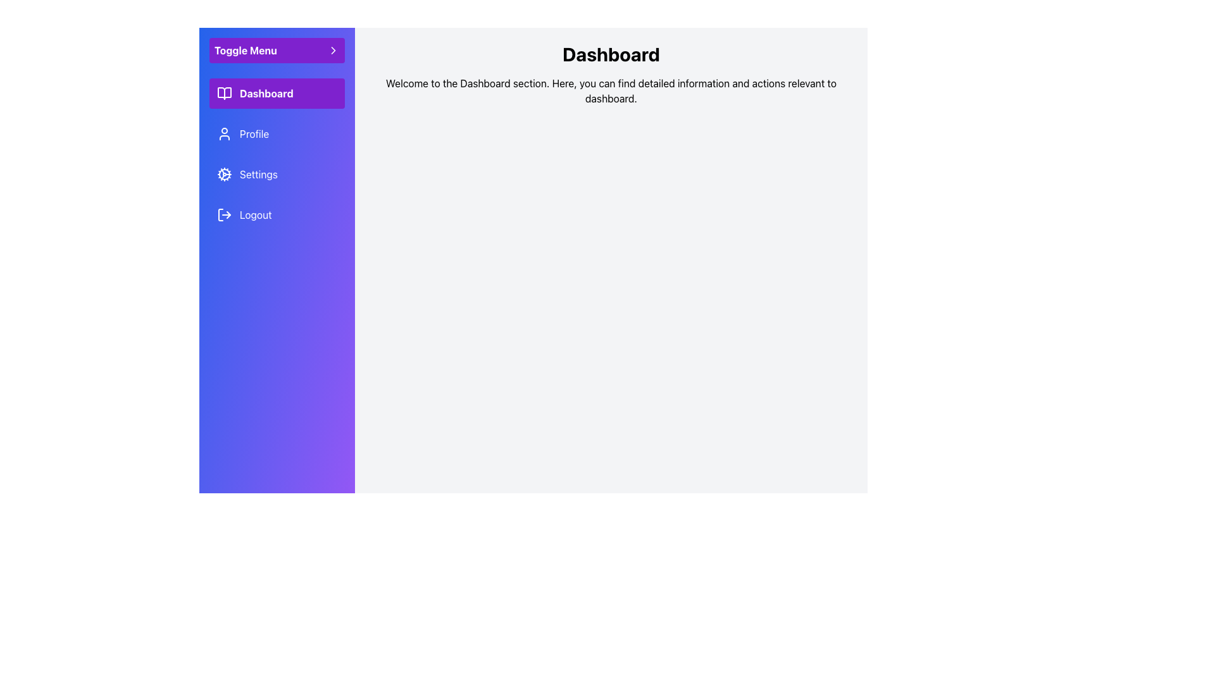  What do you see at coordinates (246, 50) in the screenshot?
I see `the 'Toggle Menu' text label, which is prominently displayed in white on a vibrant purple background near the top of the vertical sidebar` at bounding box center [246, 50].